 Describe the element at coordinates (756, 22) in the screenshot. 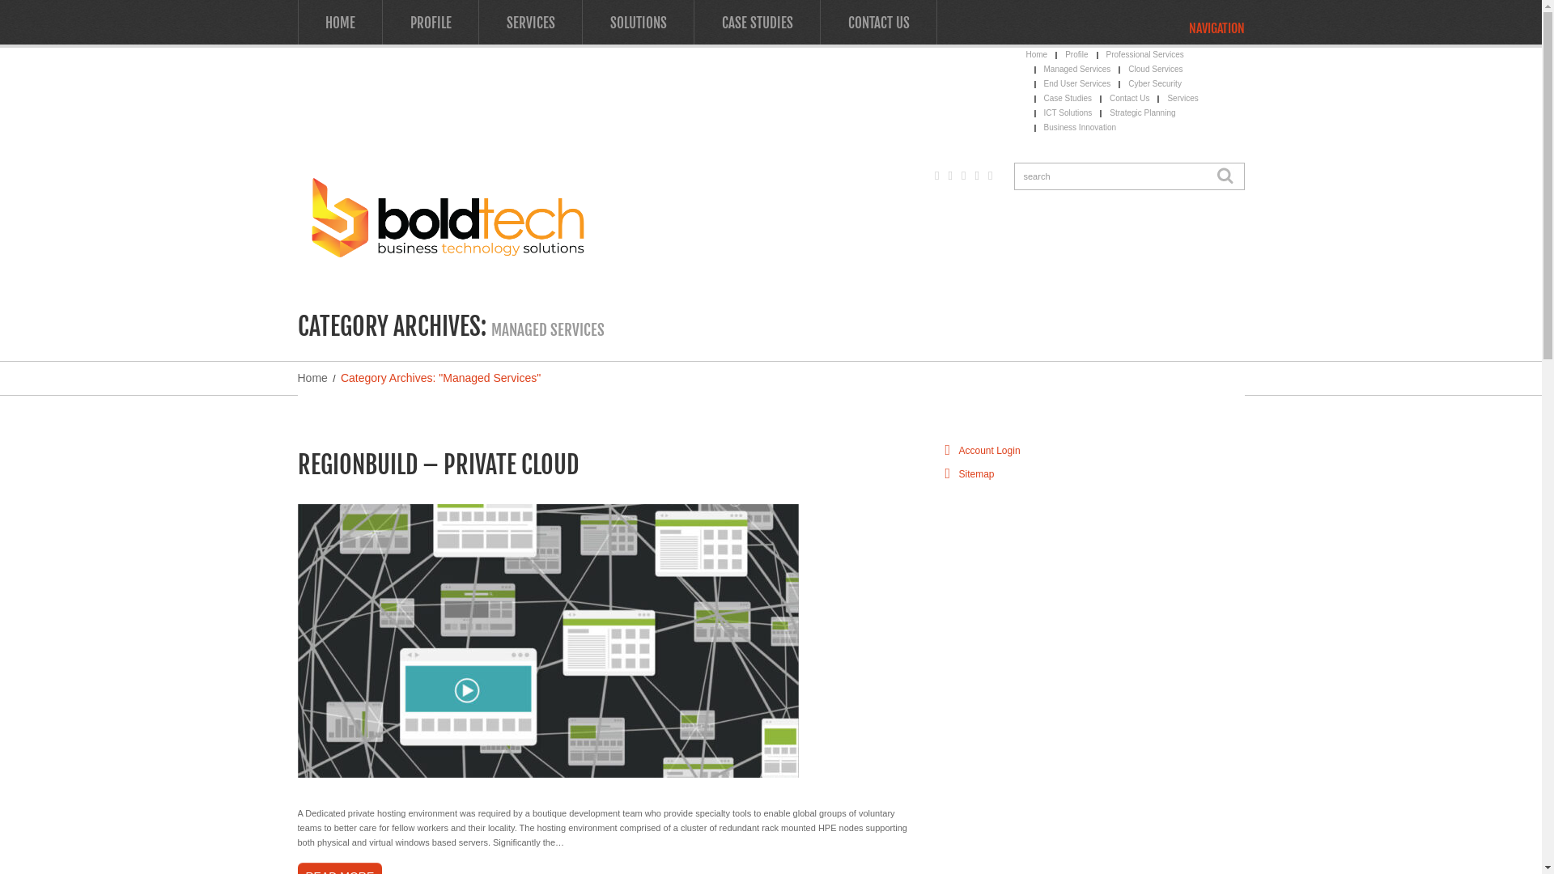

I see `'CASE STUDIES'` at that location.